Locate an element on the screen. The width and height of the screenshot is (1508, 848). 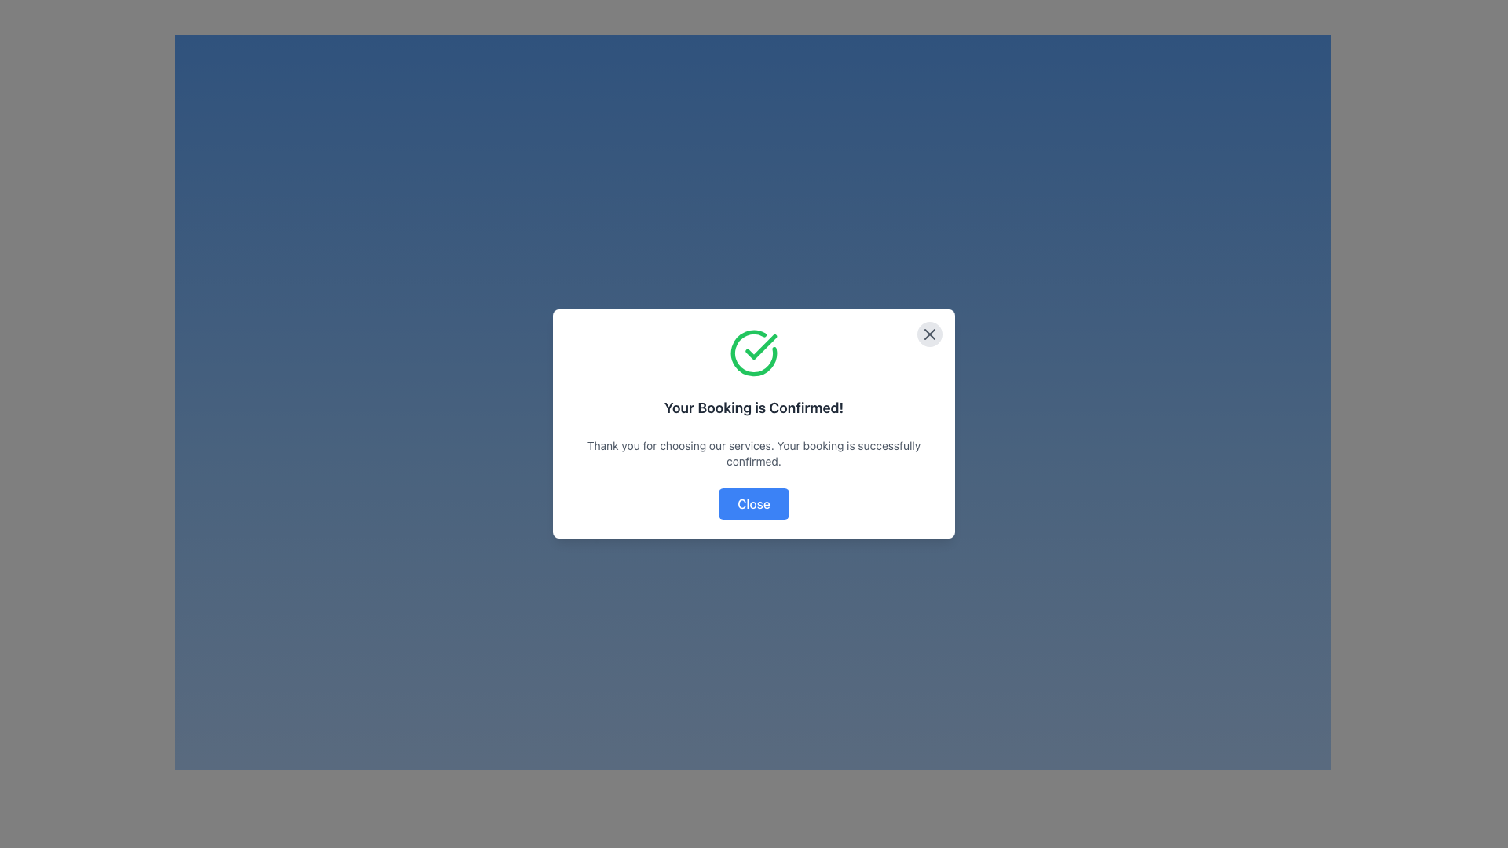
the small cross-shaped icon in the top-right corner of the modal dialog box is located at coordinates (930, 333).